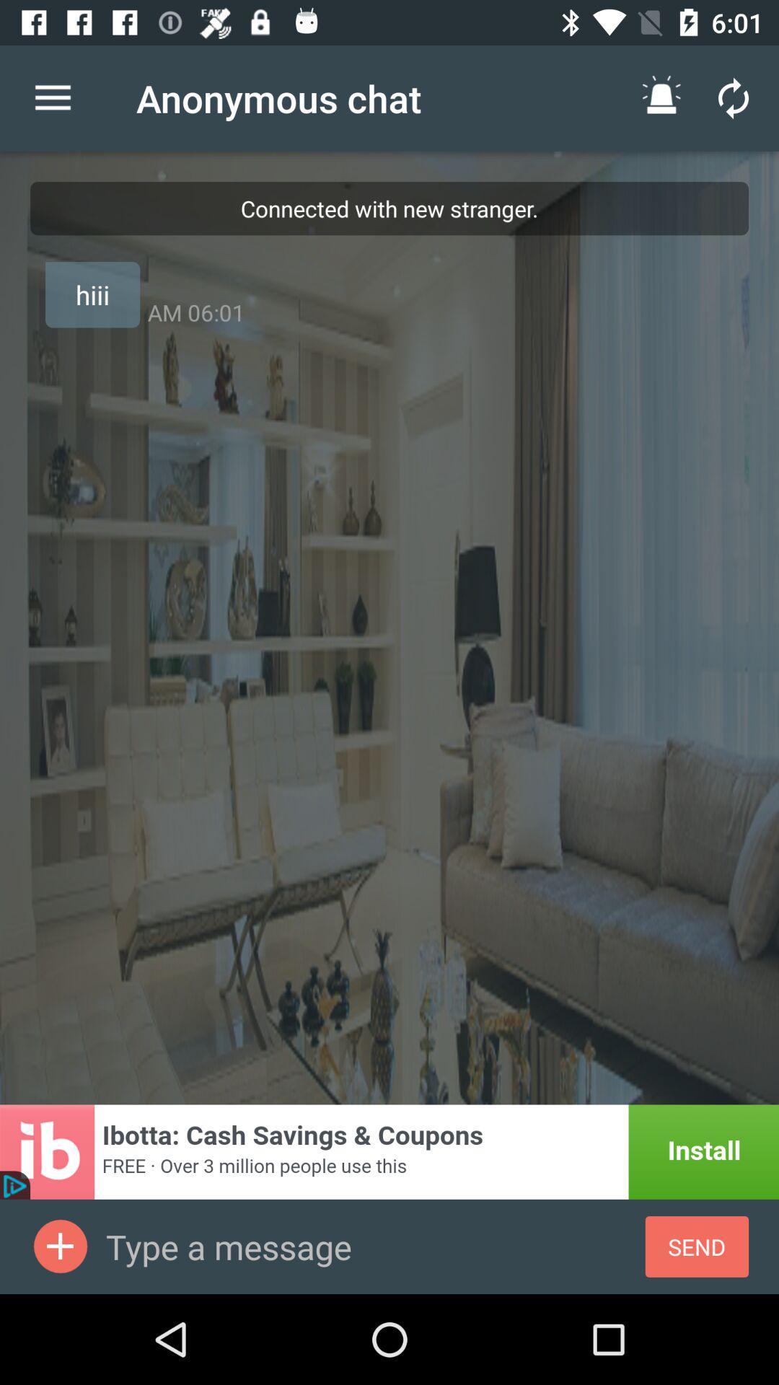 This screenshot has width=779, height=1385. I want to click on the images, so click(60, 1246).